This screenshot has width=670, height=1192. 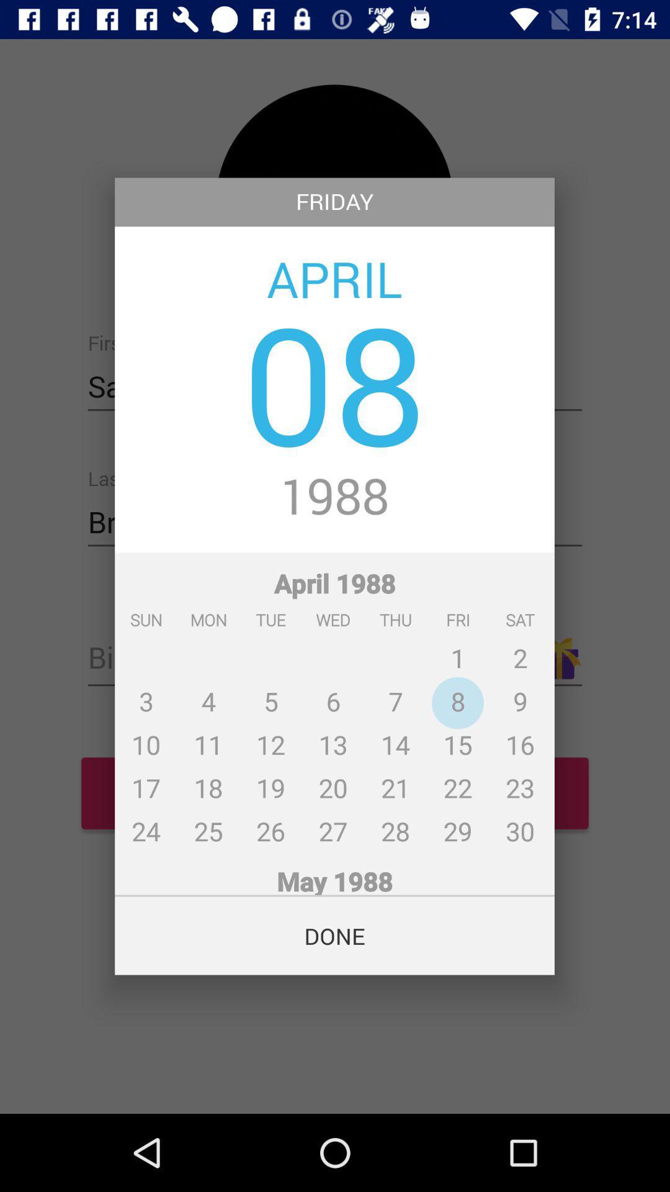 I want to click on the icon below the 1988 item, so click(x=334, y=702).